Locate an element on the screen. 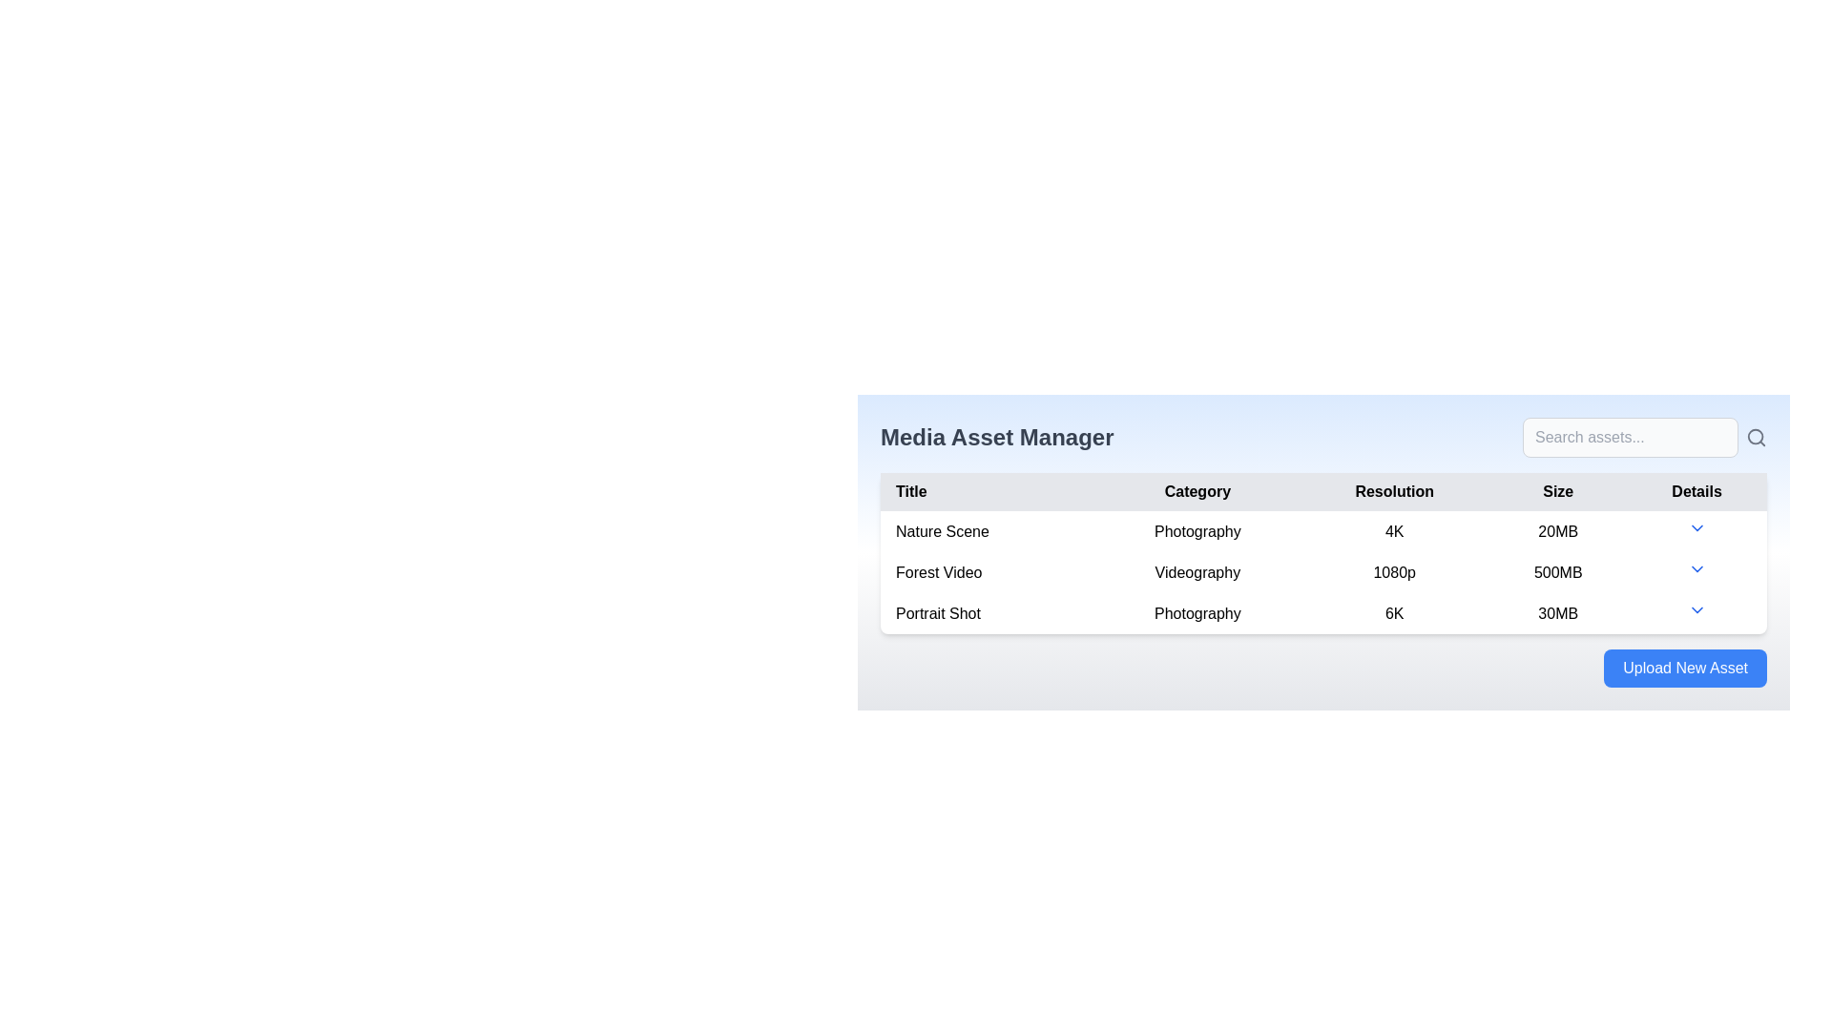  the text label indicating the resolution of the 'Nature Scene' entry in the table, which conveys that the relevant media file is in 4K quality is located at coordinates (1394, 531).